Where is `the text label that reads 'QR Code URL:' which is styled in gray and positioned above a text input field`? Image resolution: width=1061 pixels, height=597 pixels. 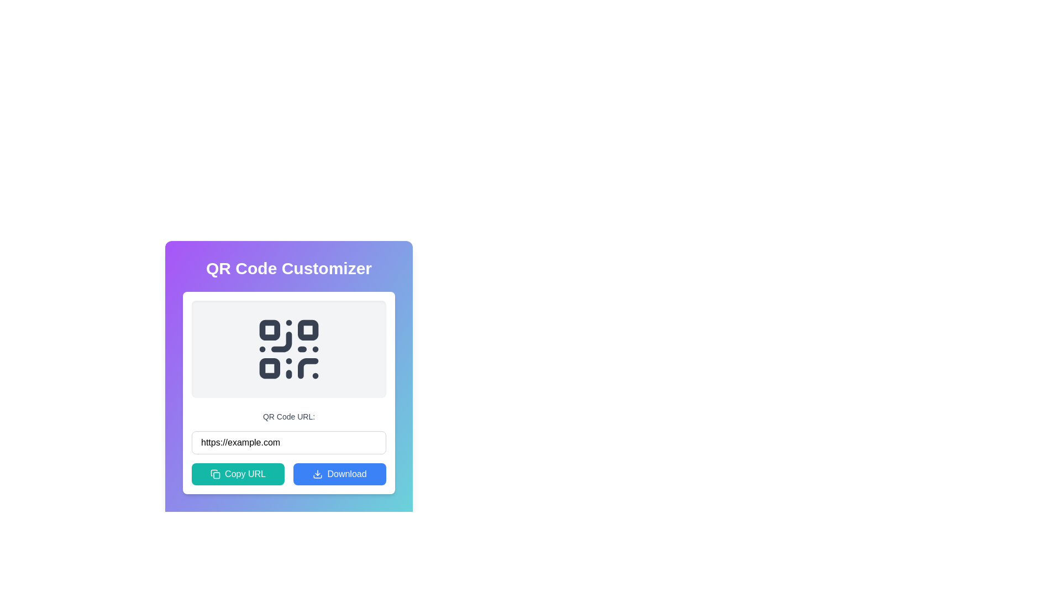
the text label that reads 'QR Code URL:' which is styled in gray and positioned above a text input field is located at coordinates (289, 416).